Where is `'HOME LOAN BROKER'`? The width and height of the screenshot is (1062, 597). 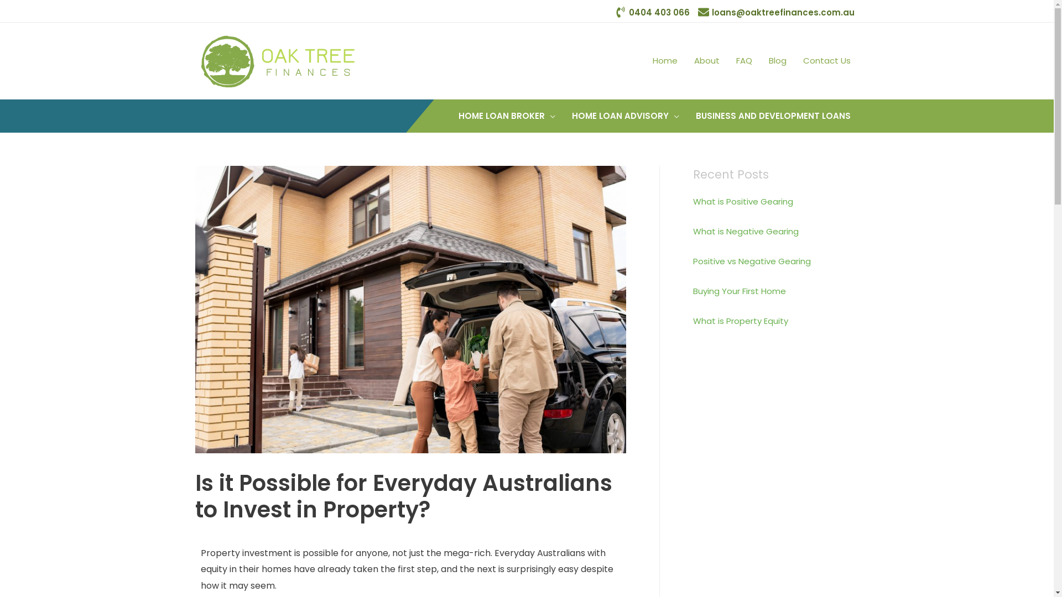 'HOME LOAN BROKER' is located at coordinates (506, 116).